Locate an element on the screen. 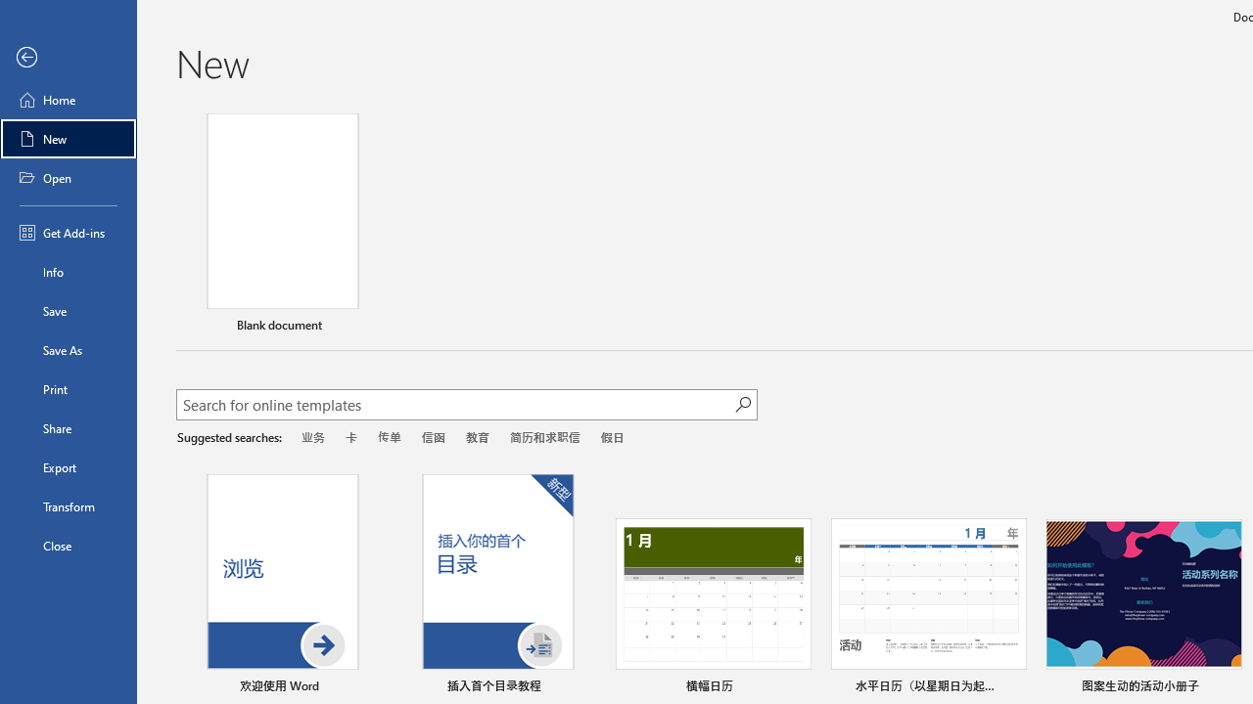 The image size is (1253, 704). 'Open' is located at coordinates (68, 178).